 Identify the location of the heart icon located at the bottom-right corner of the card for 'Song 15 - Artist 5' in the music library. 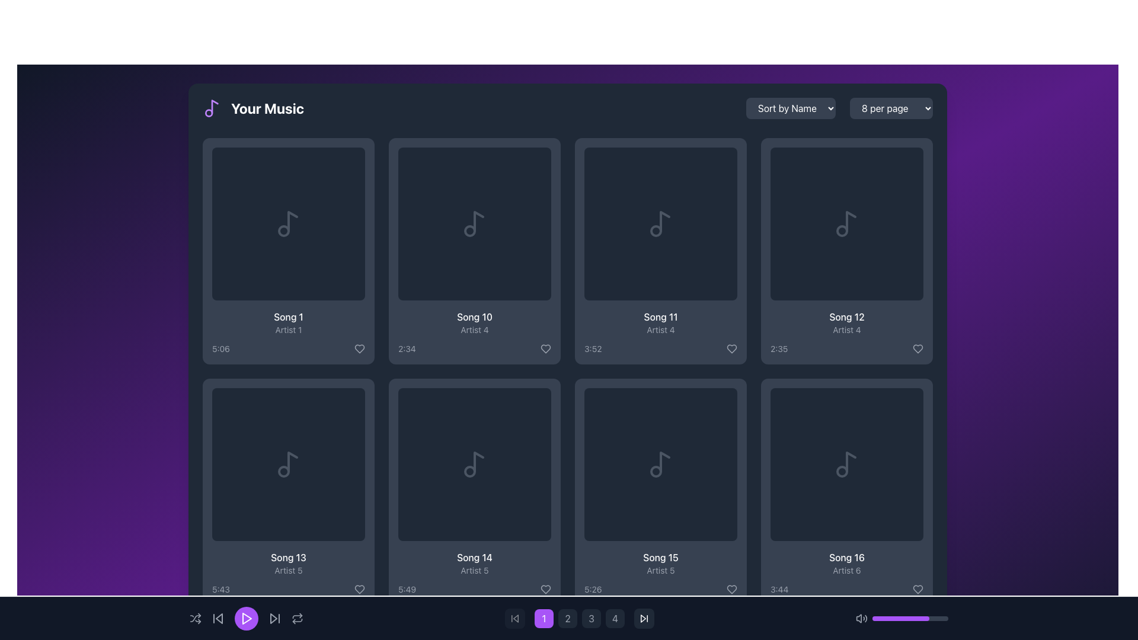
(731, 590).